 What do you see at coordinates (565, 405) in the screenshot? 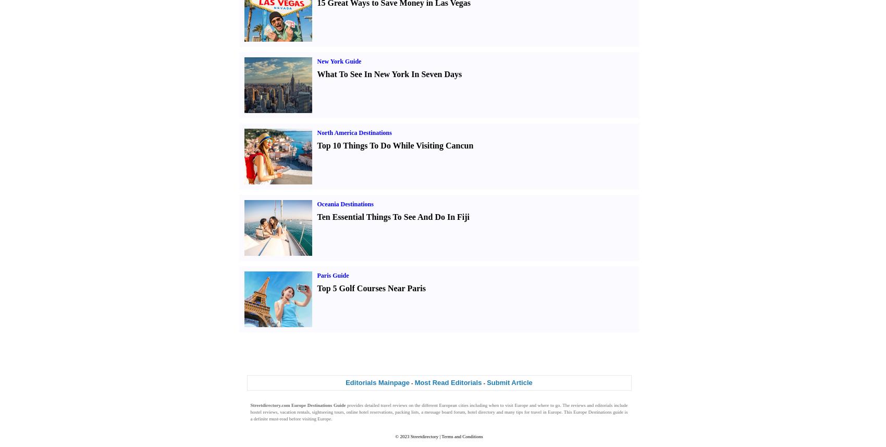
I see `'. The'` at bounding box center [565, 405].